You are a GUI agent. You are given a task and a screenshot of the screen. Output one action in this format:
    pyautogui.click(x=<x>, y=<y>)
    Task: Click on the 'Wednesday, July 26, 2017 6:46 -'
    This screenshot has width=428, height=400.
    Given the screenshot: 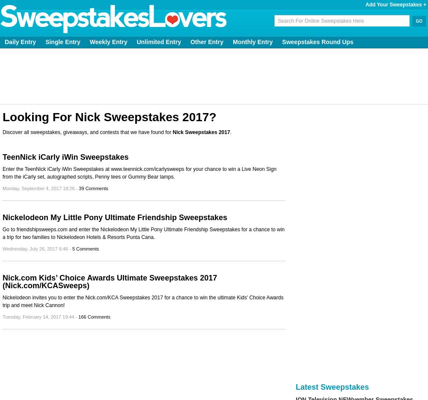 What is the action you would take?
    pyautogui.click(x=37, y=248)
    